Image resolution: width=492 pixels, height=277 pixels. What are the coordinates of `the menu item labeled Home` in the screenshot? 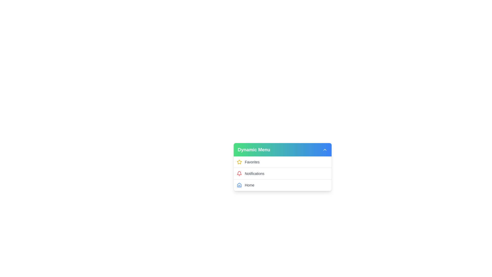 It's located at (282, 185).